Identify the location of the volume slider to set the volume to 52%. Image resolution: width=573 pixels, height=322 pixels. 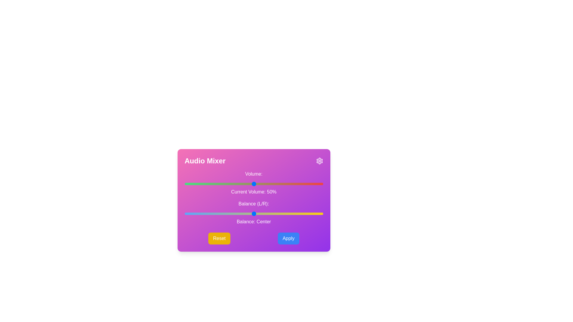
(256, 184).